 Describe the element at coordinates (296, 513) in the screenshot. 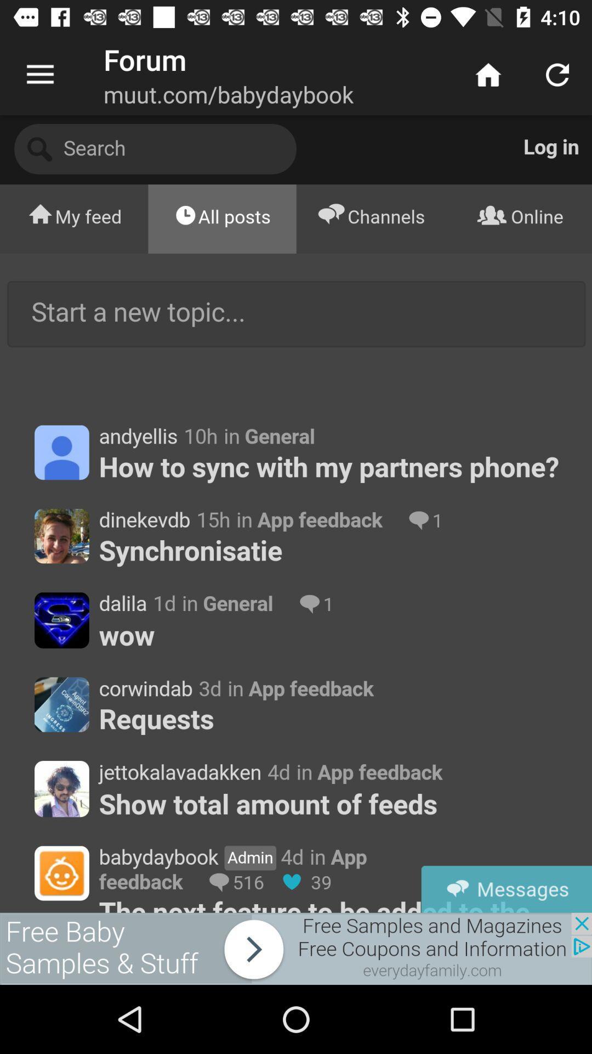

I see `full page` at that location.